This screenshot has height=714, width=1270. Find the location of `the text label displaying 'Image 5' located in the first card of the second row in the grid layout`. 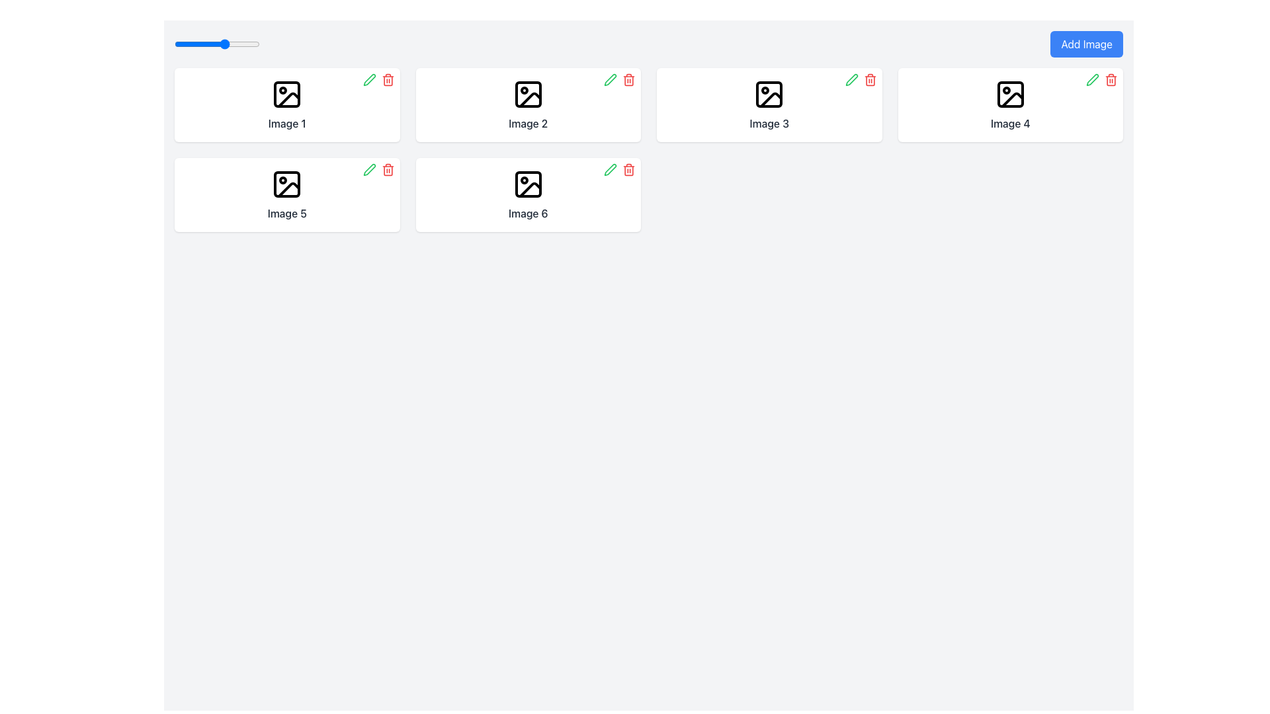

the text label displaying 'Image 5' located in the first card of the second row in the grid layout is located at coordinates (286, 213).